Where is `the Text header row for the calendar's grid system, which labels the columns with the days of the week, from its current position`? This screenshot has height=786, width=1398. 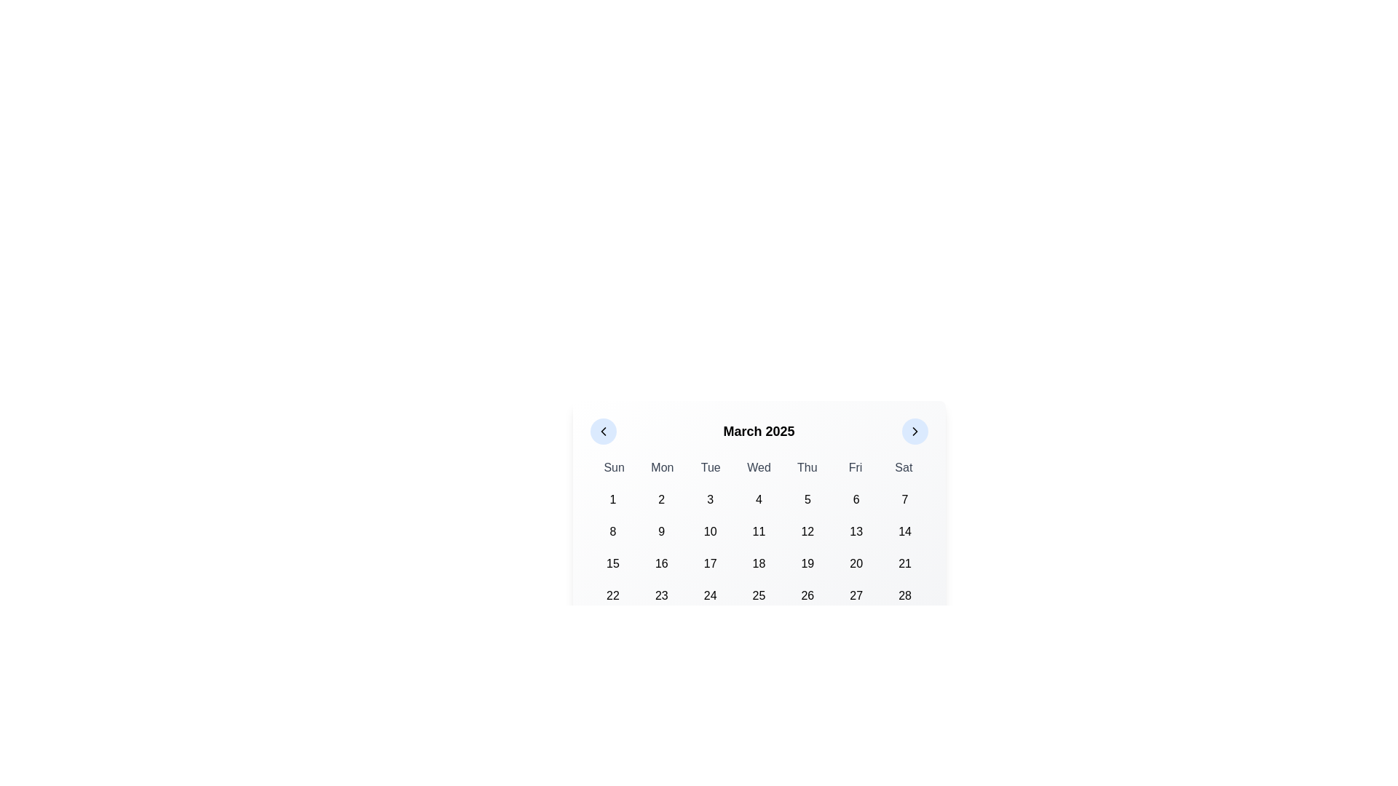 the Text header row for the calendar's grid system, which labels the columns with the days of the week, from its current position is located at coordinates (758, 468).